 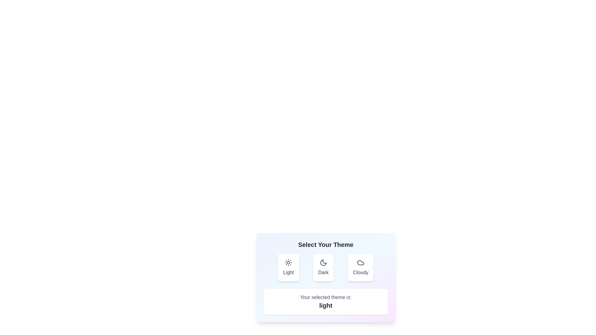 I want to click on the 'Dark' button which contains the dark theme icon, so click(x=323, y=263).